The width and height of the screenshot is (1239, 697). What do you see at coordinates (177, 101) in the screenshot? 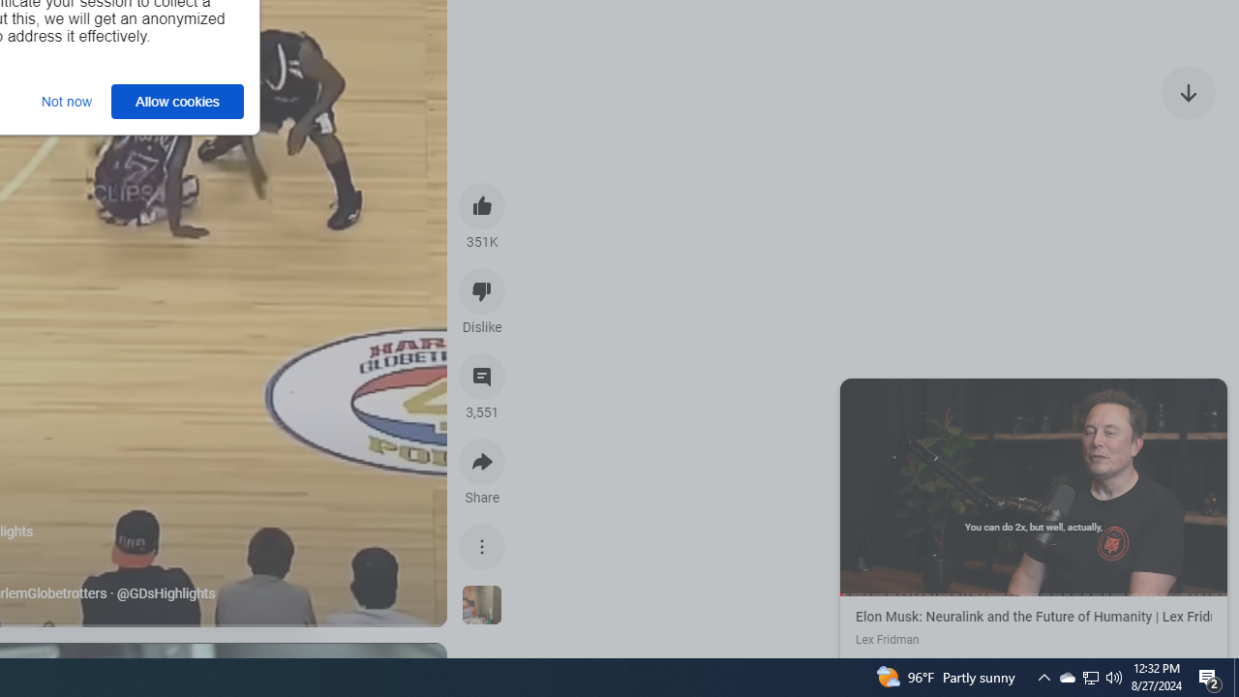
I see `'Allow cookies'` at bounding box center [177, 101].